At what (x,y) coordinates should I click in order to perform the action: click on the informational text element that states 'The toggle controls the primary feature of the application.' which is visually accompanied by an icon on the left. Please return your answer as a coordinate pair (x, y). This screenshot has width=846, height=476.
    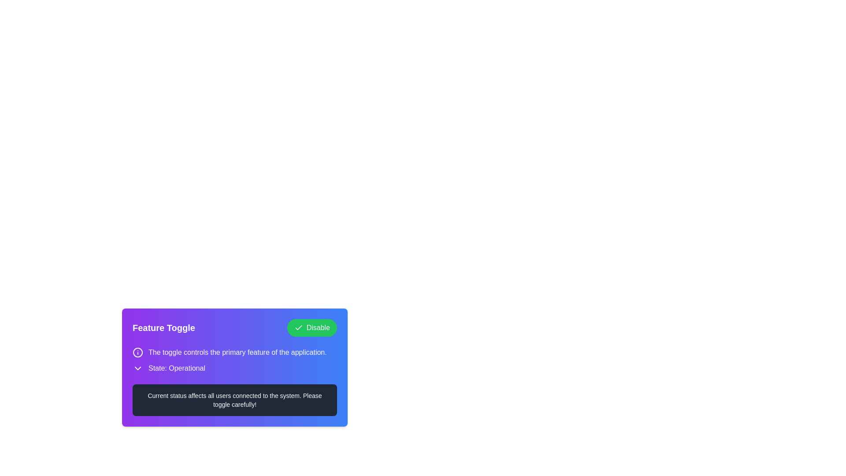
    Looking at the image, I should click on (234, 352).